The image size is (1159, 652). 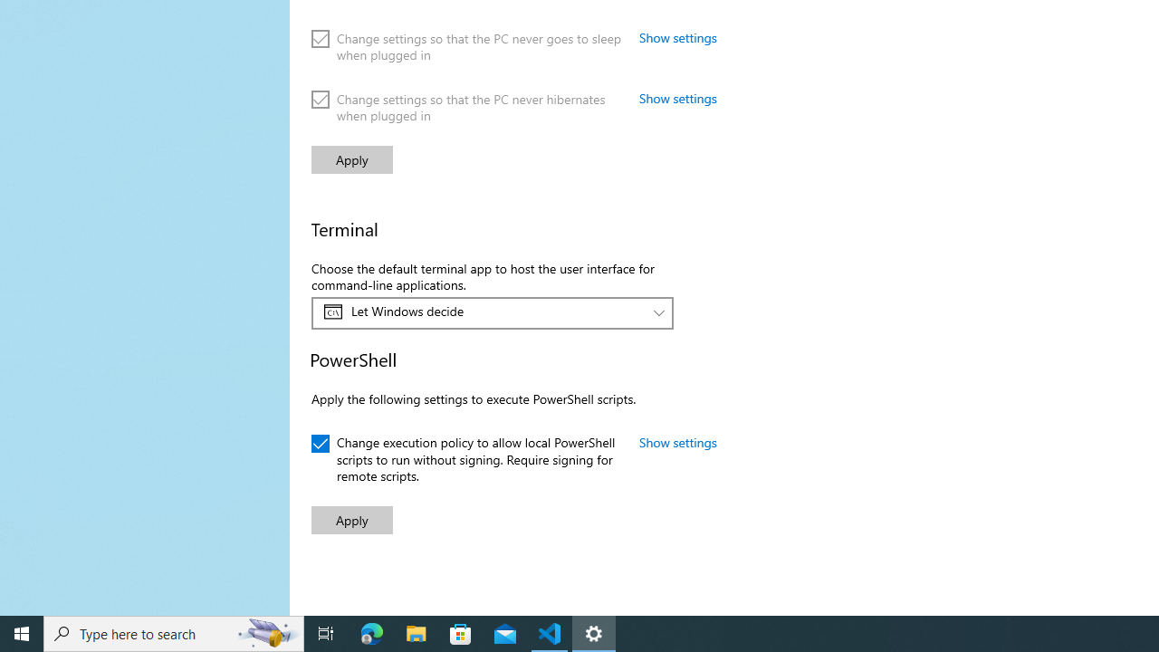 What do you see at coordinates (416, 632) in the screenshot?
I see `'File Explorer'` at bounding box center [416, 632].